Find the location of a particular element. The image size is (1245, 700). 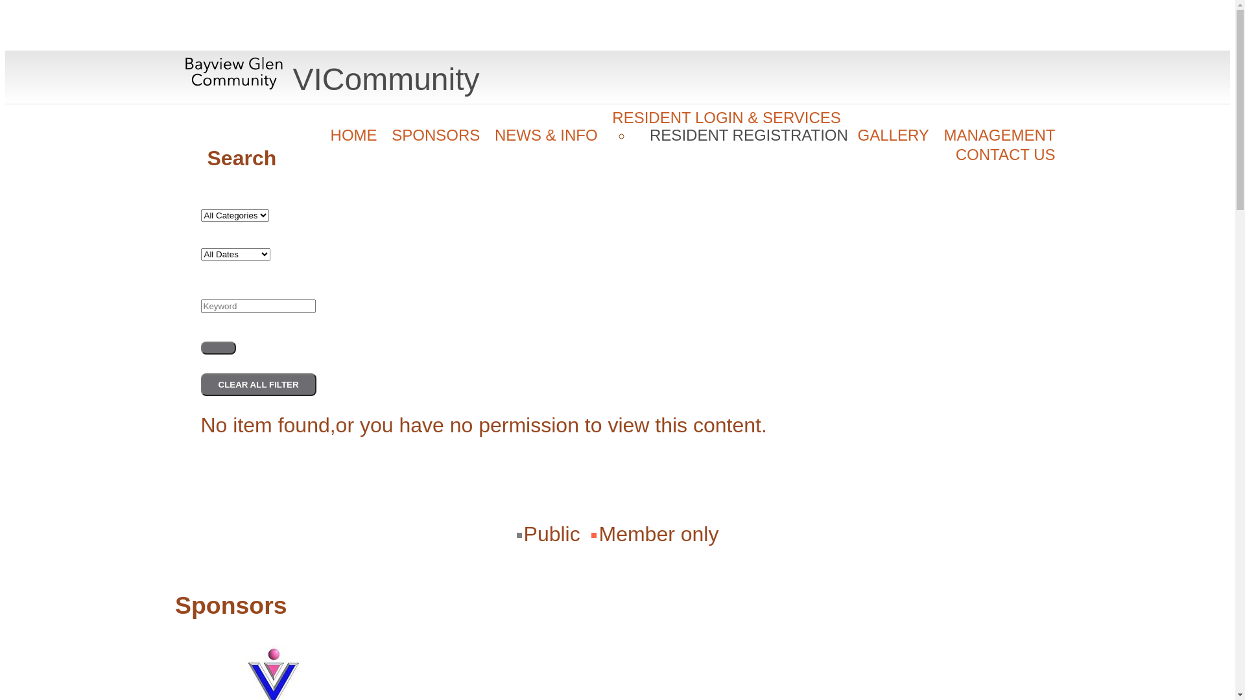

'HOME' is located at coordinates (354, 135).